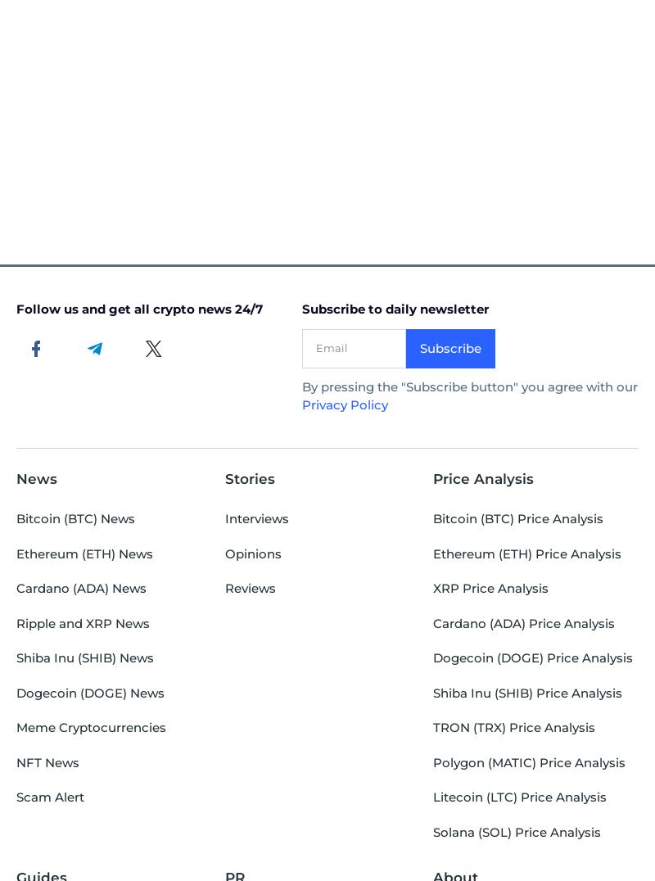 The width and height of the screenshot is (655, 881). What do you see at coordinates (432, 761) in the screenshot?
I see `'Polygon (MATIC) Price Analysis'` at bounding box center [432, 761].